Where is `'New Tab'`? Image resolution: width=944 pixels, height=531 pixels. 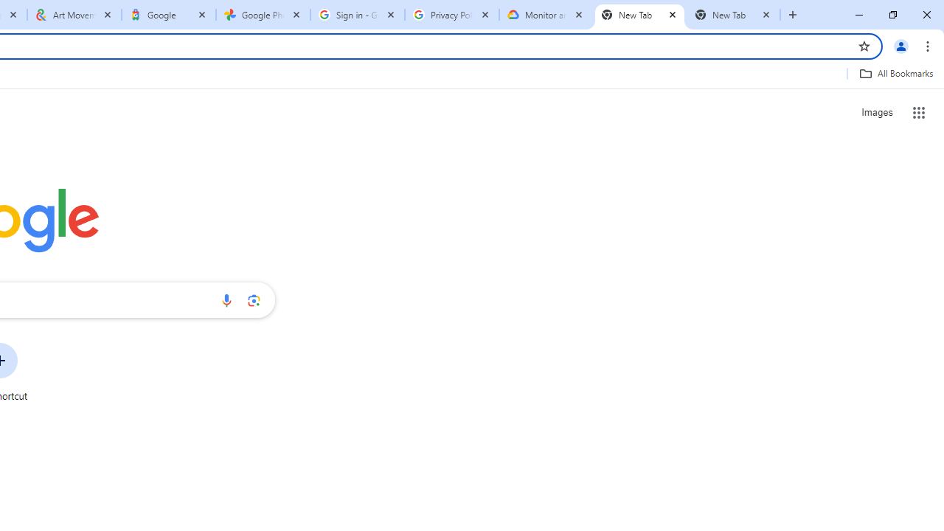 'New Tab' is located at coordinates (639, 15).